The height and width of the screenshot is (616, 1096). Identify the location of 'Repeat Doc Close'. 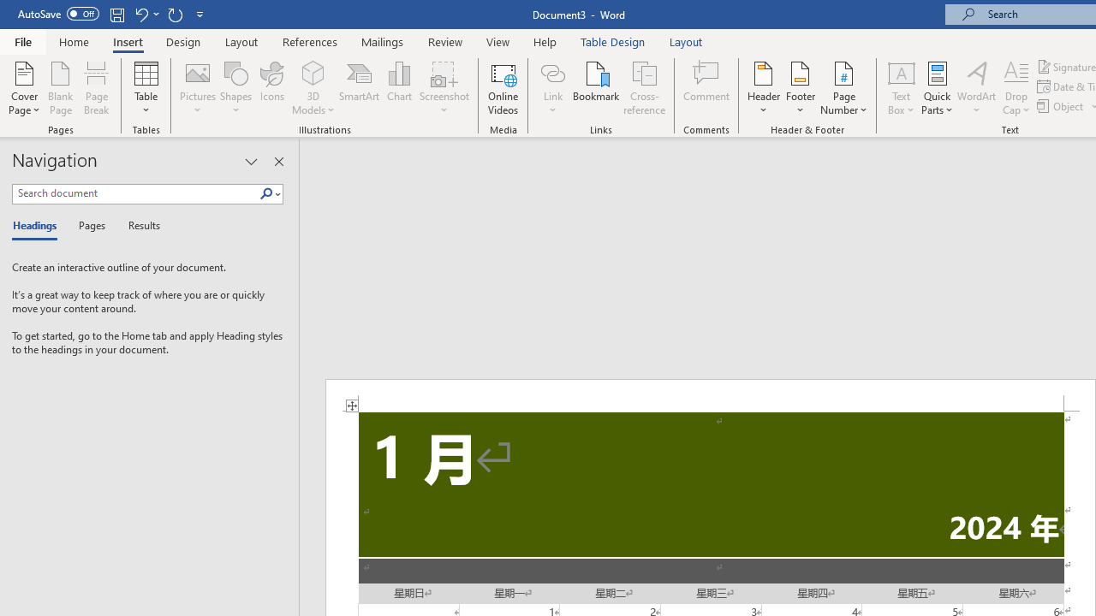
(175, 14).